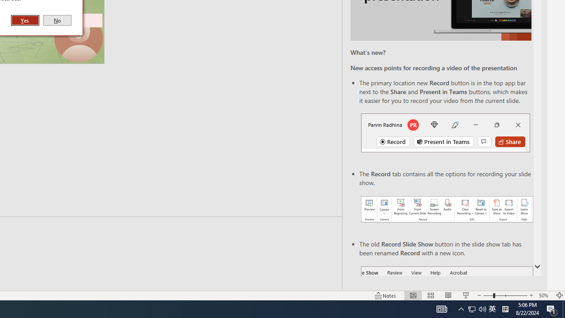 The image size is (565, 318). Describe the element at coordinates (482, 308) in the screenshot. I see `'Q2790: 100%'` at that location.